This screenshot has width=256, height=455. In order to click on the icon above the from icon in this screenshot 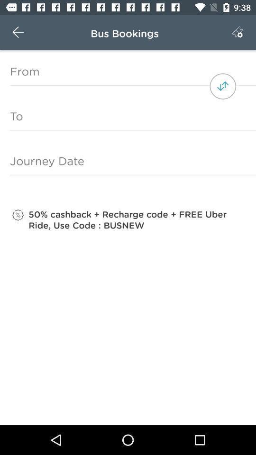, I will do `click(18, 32)`.